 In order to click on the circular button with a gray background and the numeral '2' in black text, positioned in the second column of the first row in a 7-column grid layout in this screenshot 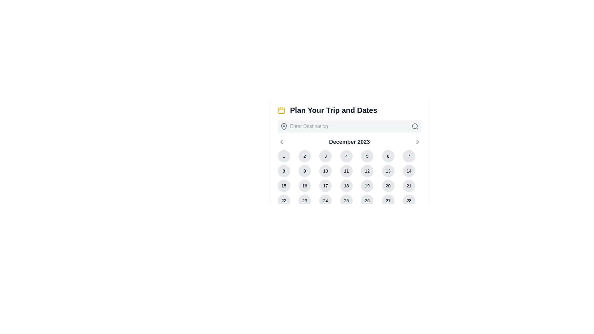, I will do `click(304, 156)`.